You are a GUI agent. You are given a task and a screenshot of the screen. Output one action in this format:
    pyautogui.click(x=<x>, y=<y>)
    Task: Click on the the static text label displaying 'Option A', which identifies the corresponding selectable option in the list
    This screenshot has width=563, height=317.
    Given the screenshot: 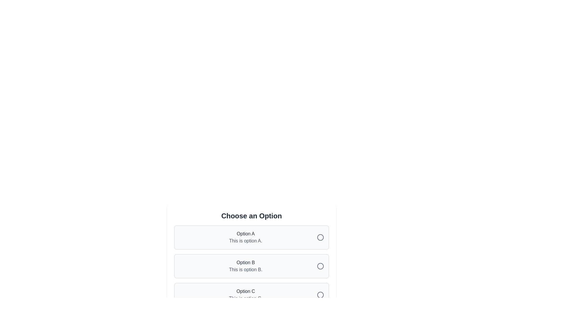 What is the action you would take?
    pyautogui.click(x=246, y=234)
    